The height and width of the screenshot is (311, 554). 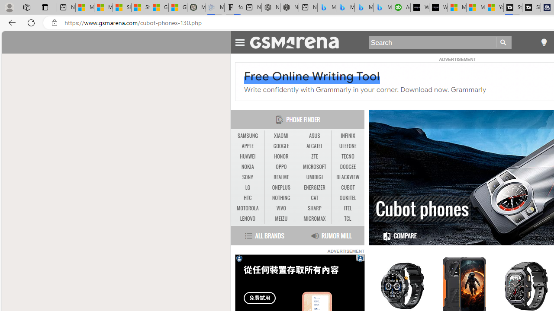 I want to click on 'MICROSOFT', so click(x=314, y=167).